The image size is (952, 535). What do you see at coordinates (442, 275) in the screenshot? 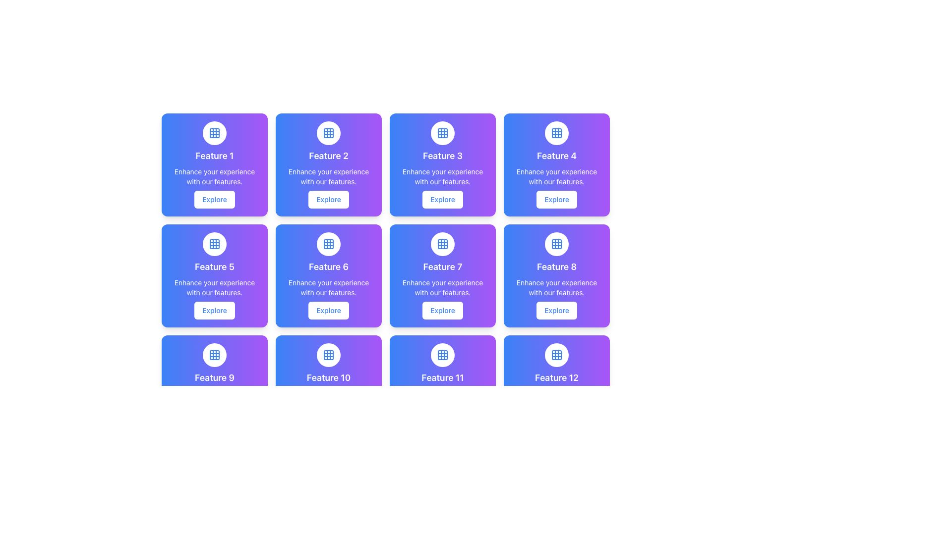
I see `the informational and navigational card for 'Feature 7', located in the third row and third column of the grid layout` at bounding box center [442, 275].